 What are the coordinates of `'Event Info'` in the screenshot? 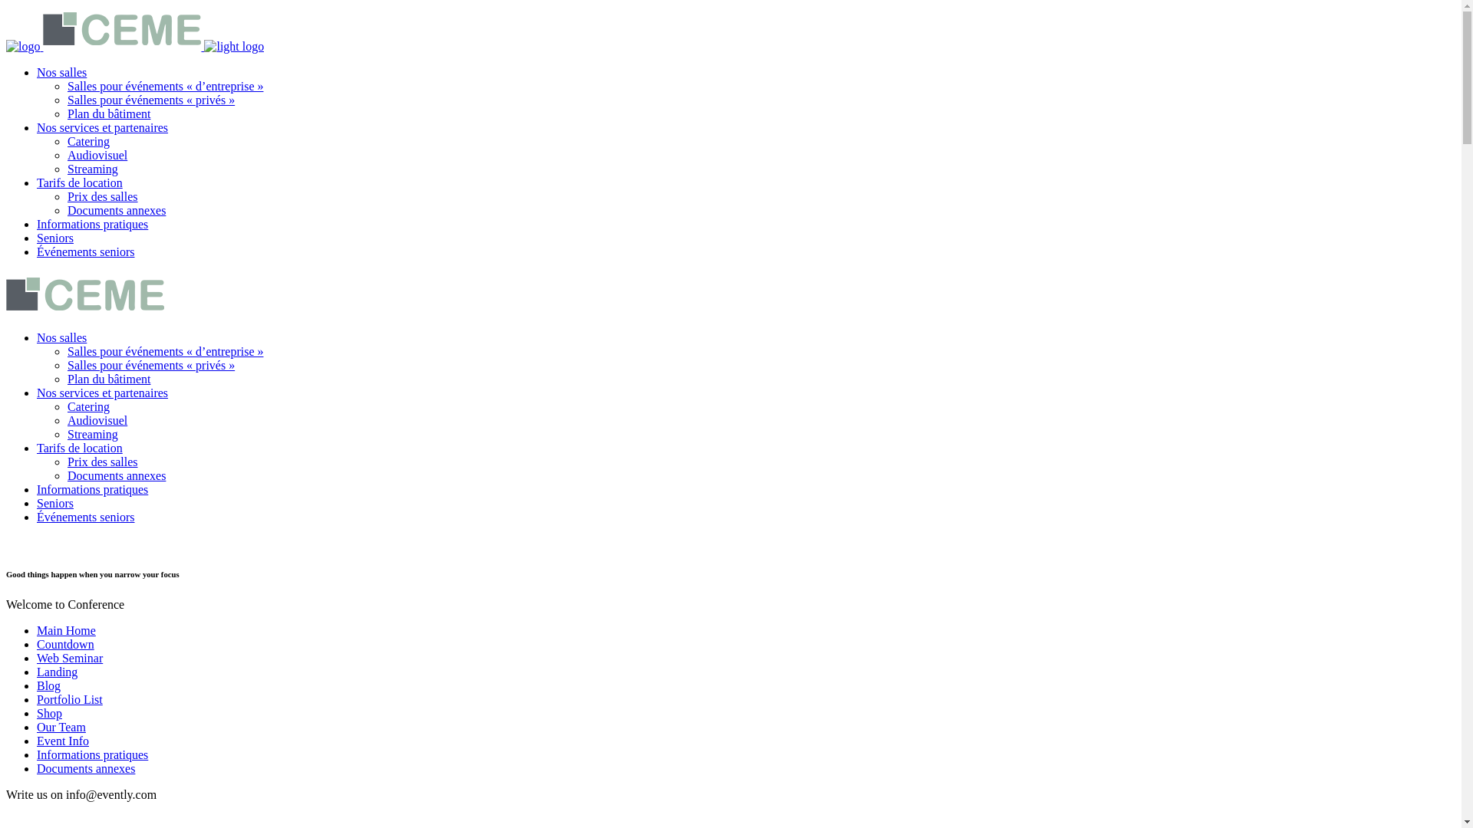 It's located at (61, 740).